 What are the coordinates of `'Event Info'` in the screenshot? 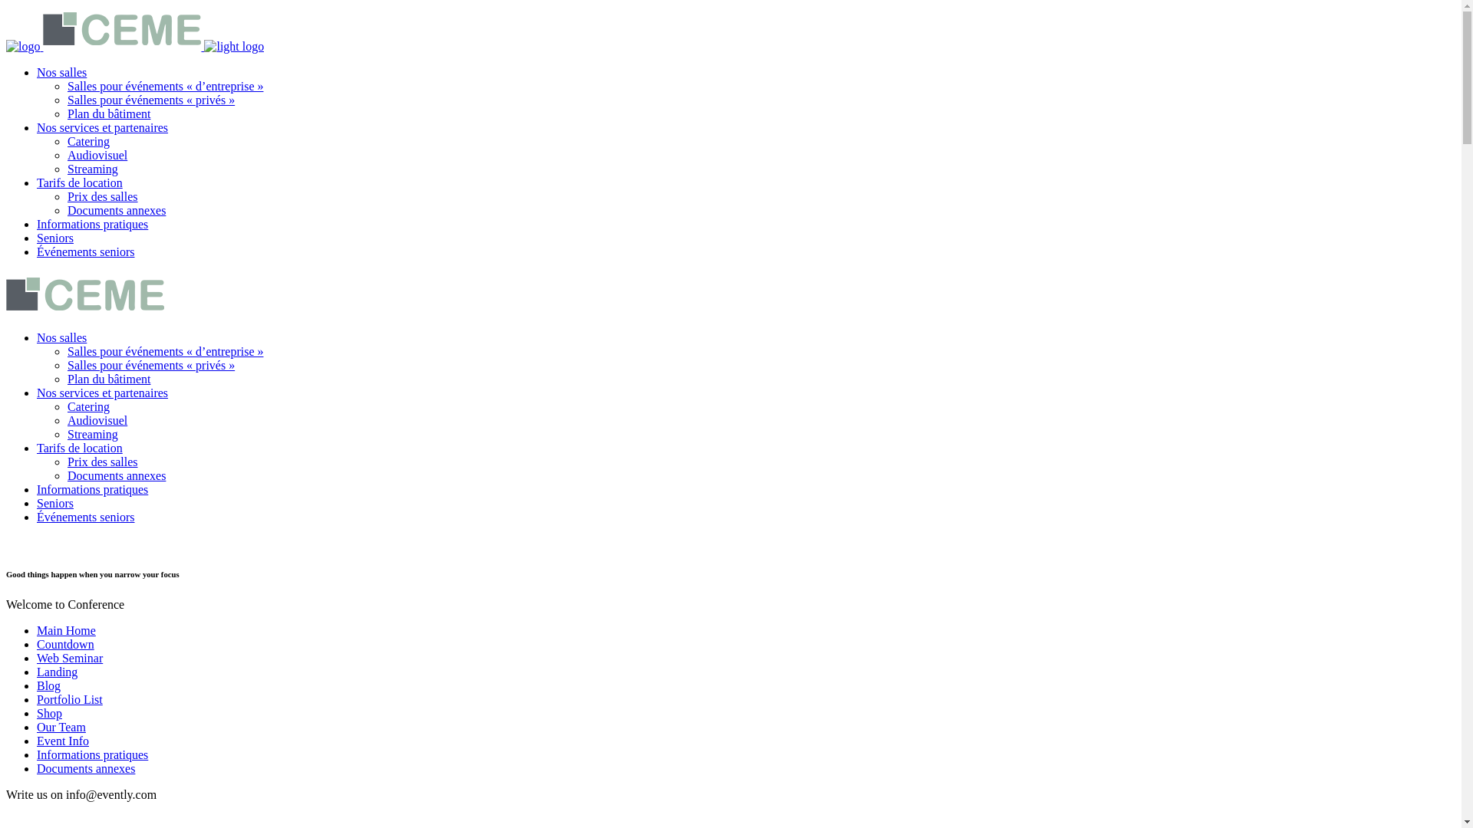 It's located at (61, 740).